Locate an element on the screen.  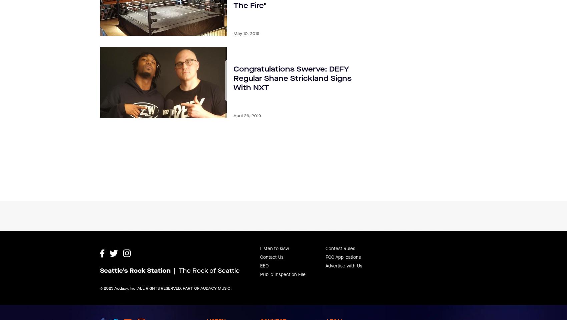
'EEO' is located at coordinates (264, 249).